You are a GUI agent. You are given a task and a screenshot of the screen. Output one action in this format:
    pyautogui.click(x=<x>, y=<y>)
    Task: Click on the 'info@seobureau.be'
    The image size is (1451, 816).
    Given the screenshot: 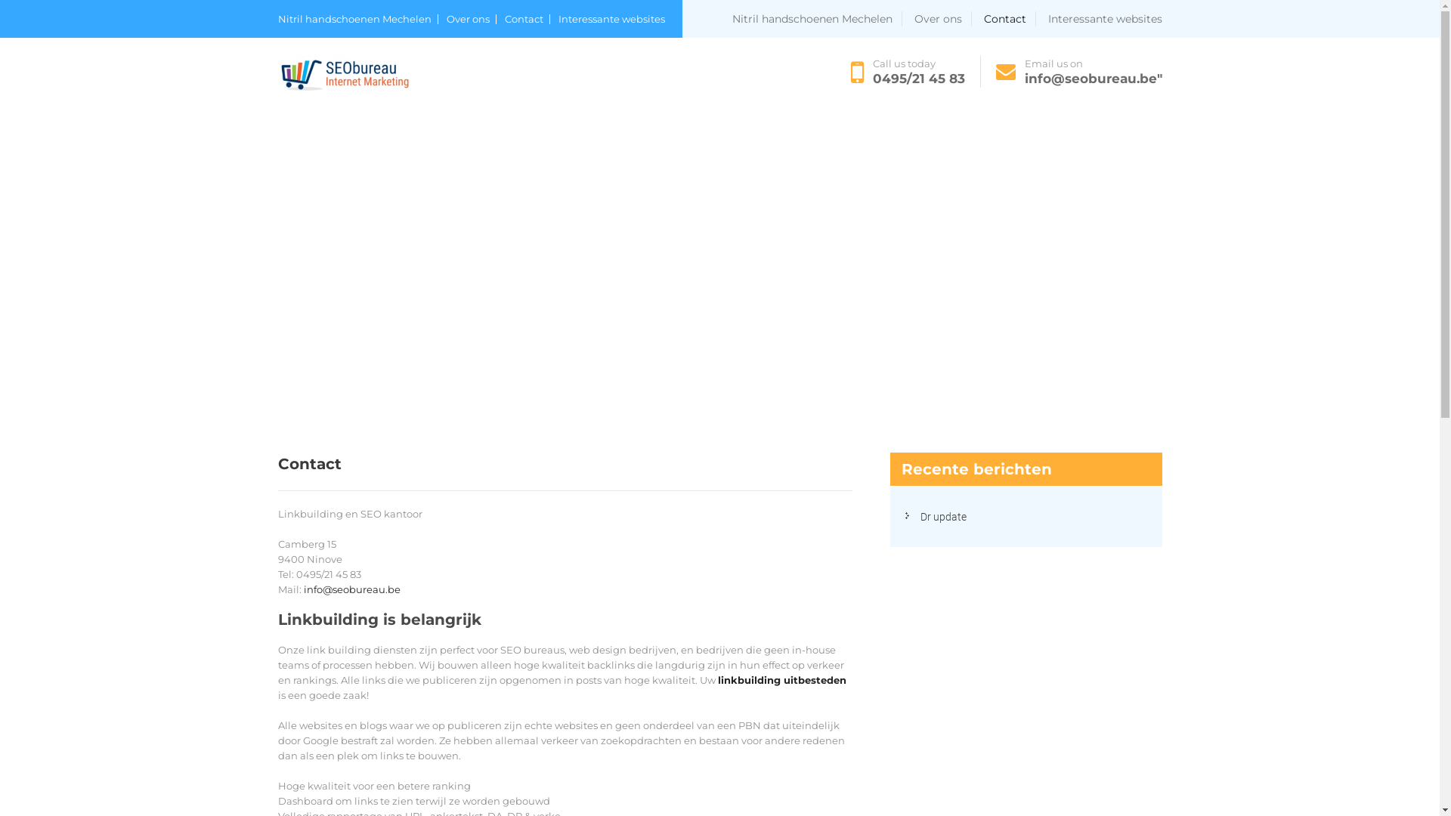 What is the action you would take?
    pyautogui.click(x=351, y=588)
    